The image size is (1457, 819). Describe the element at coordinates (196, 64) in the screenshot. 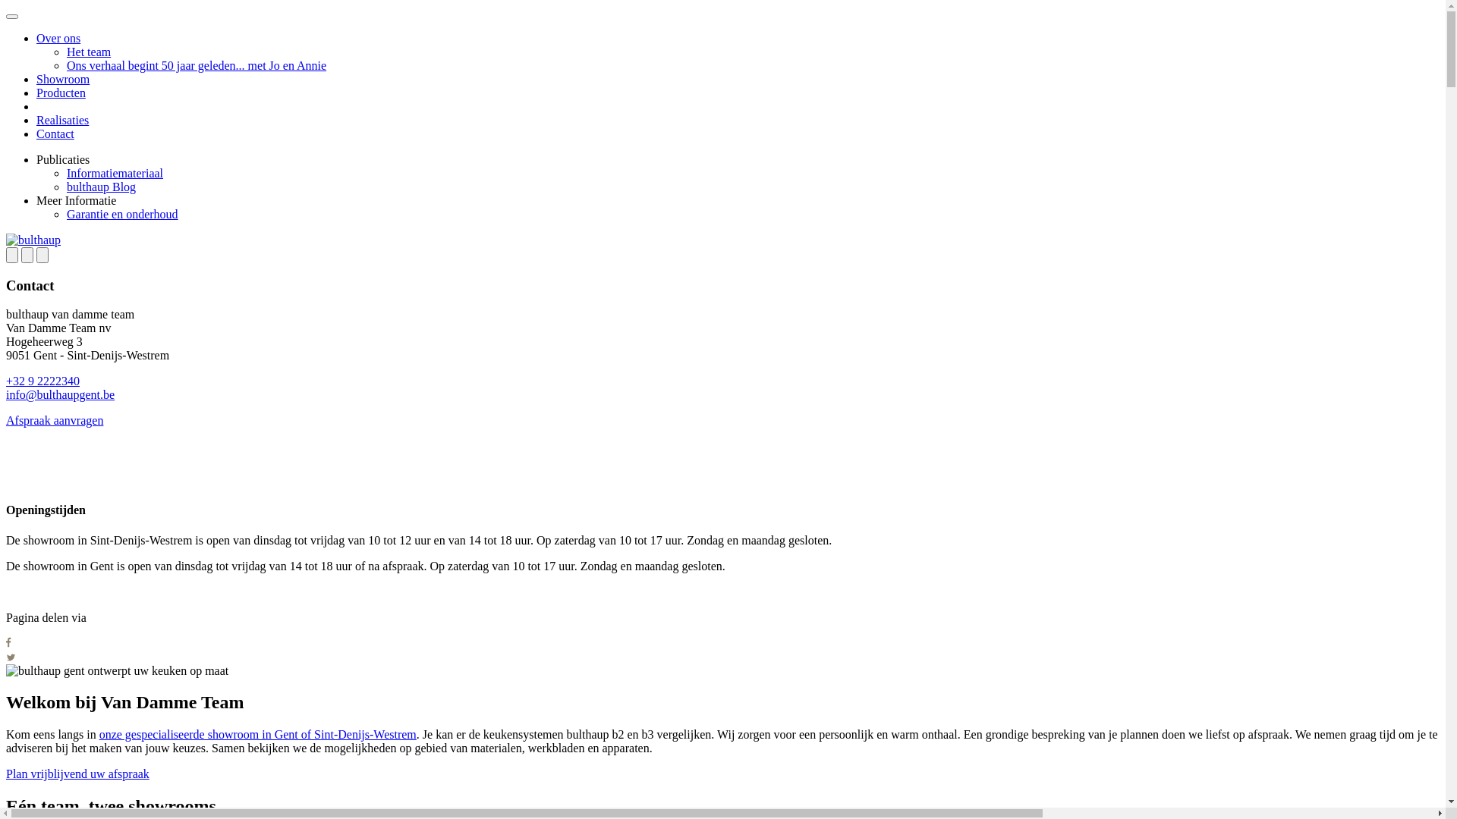

I see `'Ons verhaal begint 50 jaar geleden... met Jo en Annie'` at that location.